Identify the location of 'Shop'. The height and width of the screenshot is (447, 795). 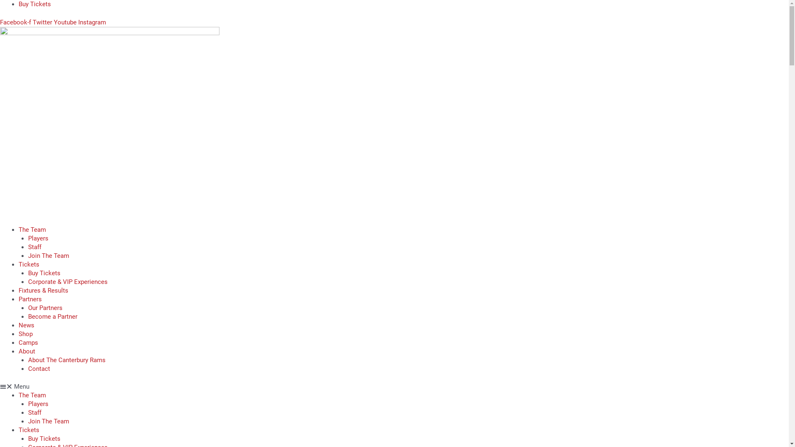
(26, 333).